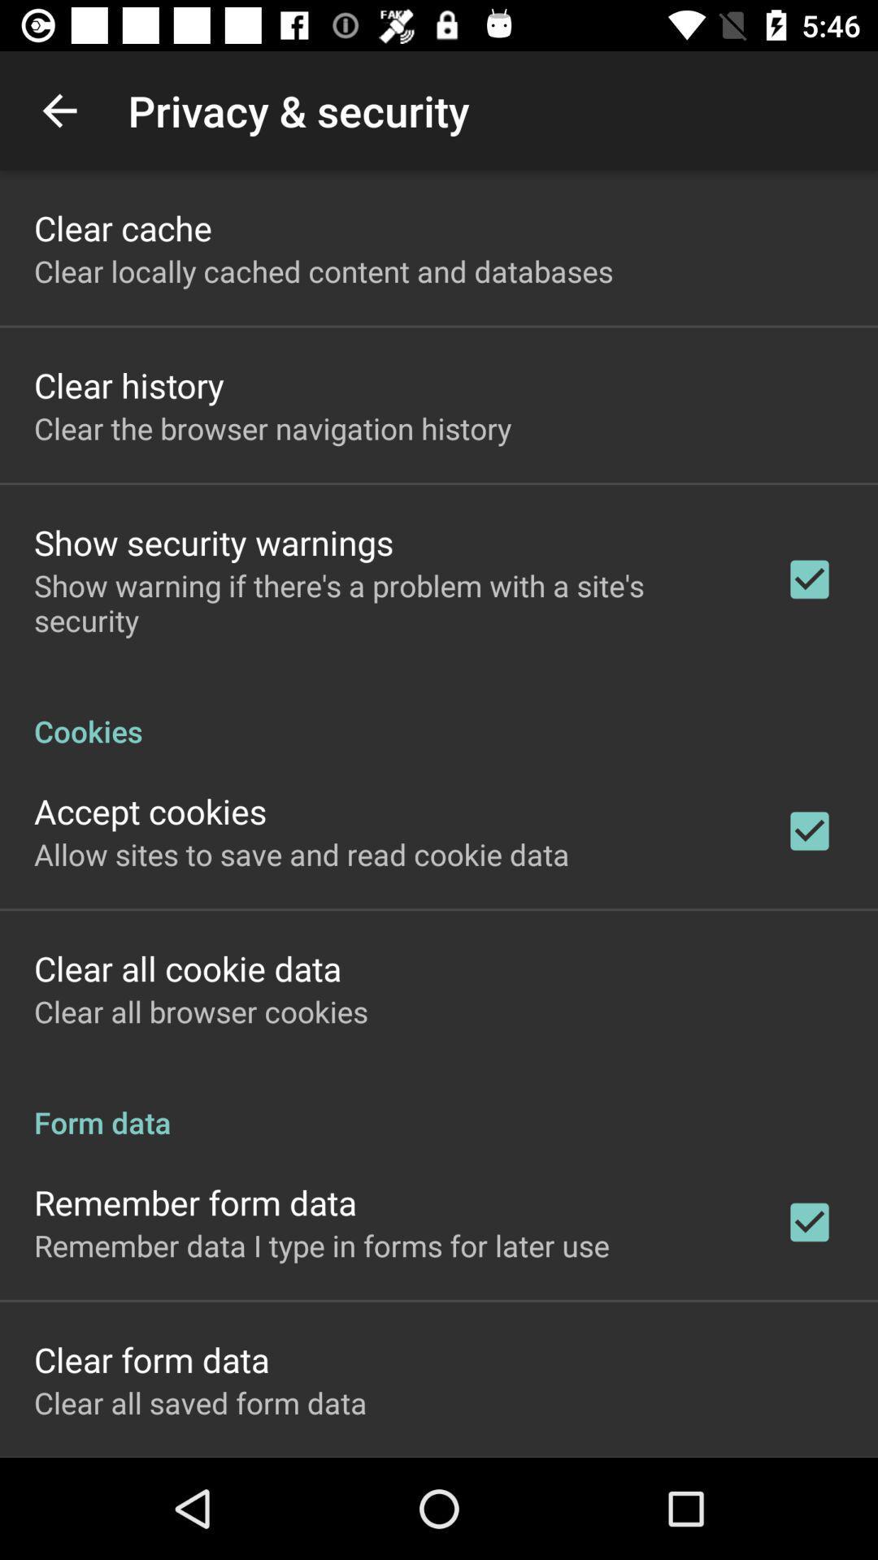 The image size is (878, 1560). What do you see at coordinates (150, 811) in the screenshot?
I see `the item above the allow sites to app` at bounding box center [150, 811].